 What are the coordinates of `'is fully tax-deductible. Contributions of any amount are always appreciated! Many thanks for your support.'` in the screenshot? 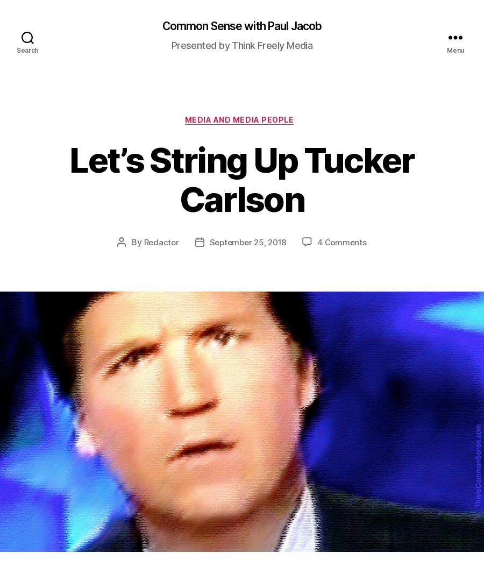 It's located at (353, 317).